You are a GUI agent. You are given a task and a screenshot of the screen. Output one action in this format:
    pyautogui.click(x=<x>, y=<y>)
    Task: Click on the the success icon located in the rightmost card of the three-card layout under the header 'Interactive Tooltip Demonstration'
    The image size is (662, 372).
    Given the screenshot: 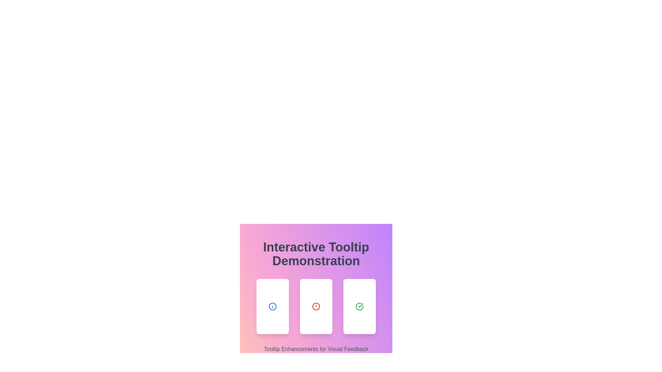 What is the action you would take?
    pyautogui.click(x=359, y=306)
    